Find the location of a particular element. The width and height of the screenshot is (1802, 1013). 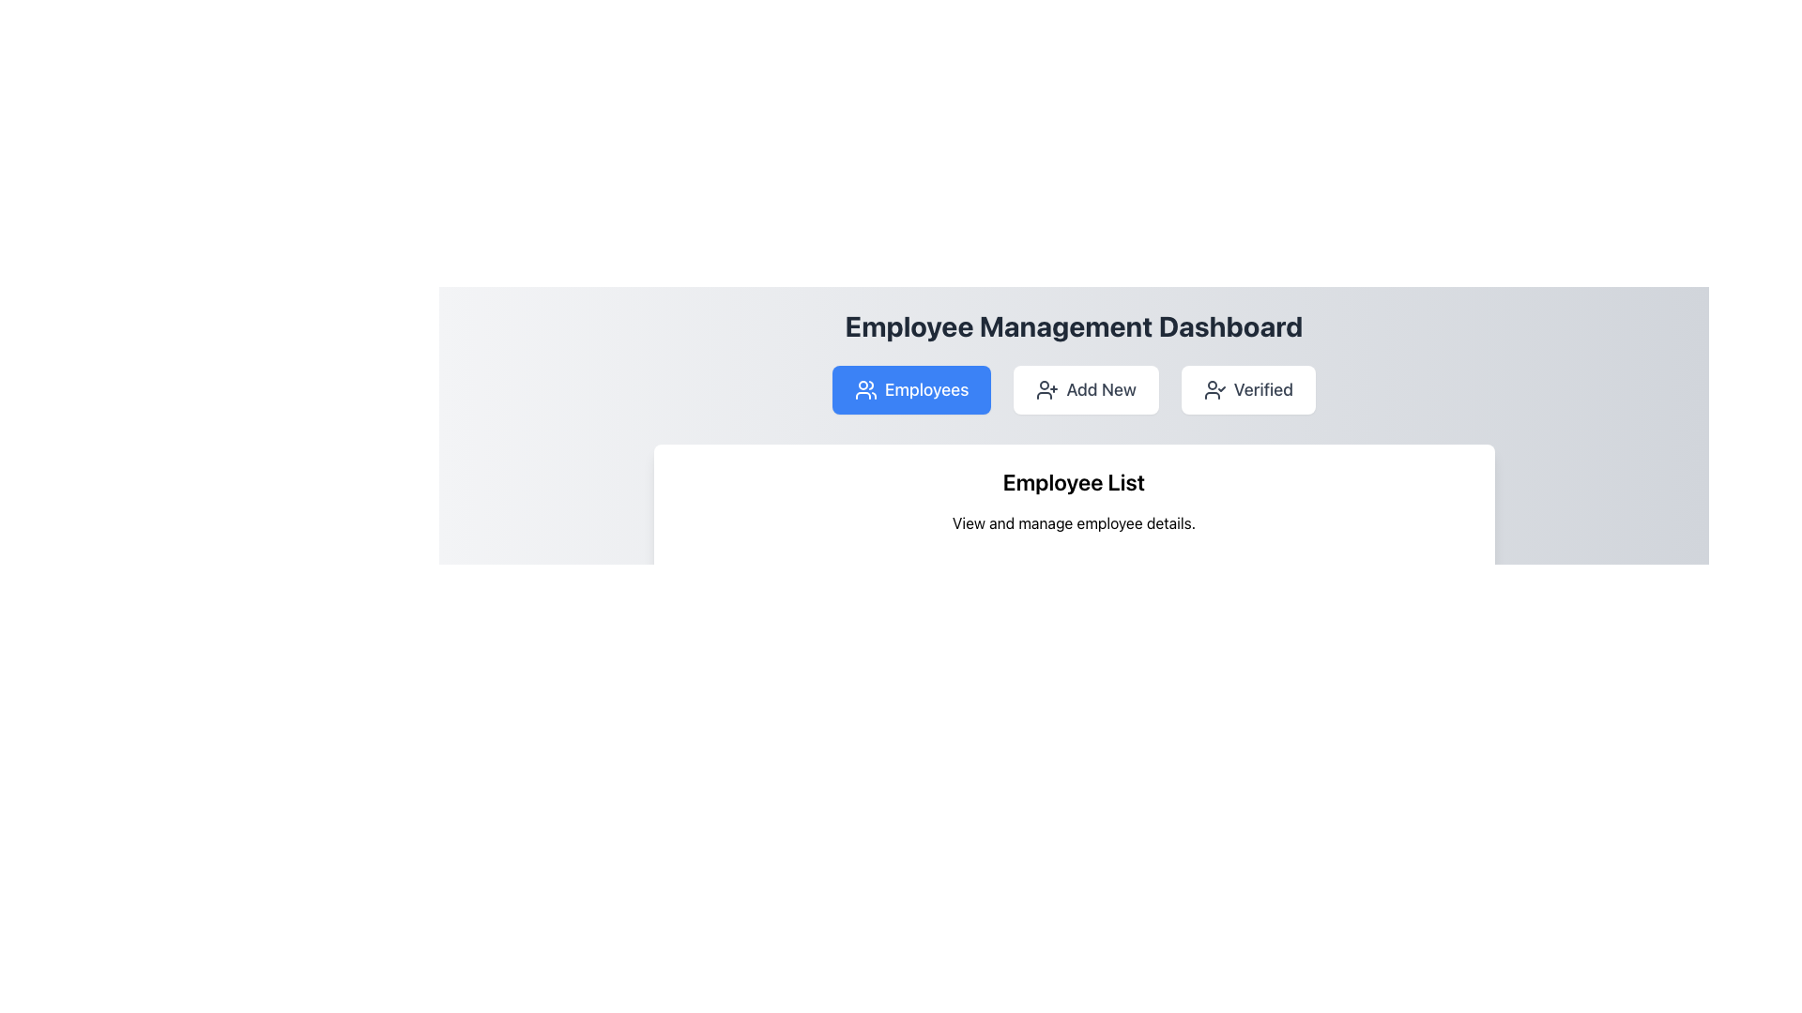

the 'Employees' icon (SVG) located within the blue button in the top left section of the navigation bar to trigger the tooltip or visual effect is located at coordinates (865, 389).